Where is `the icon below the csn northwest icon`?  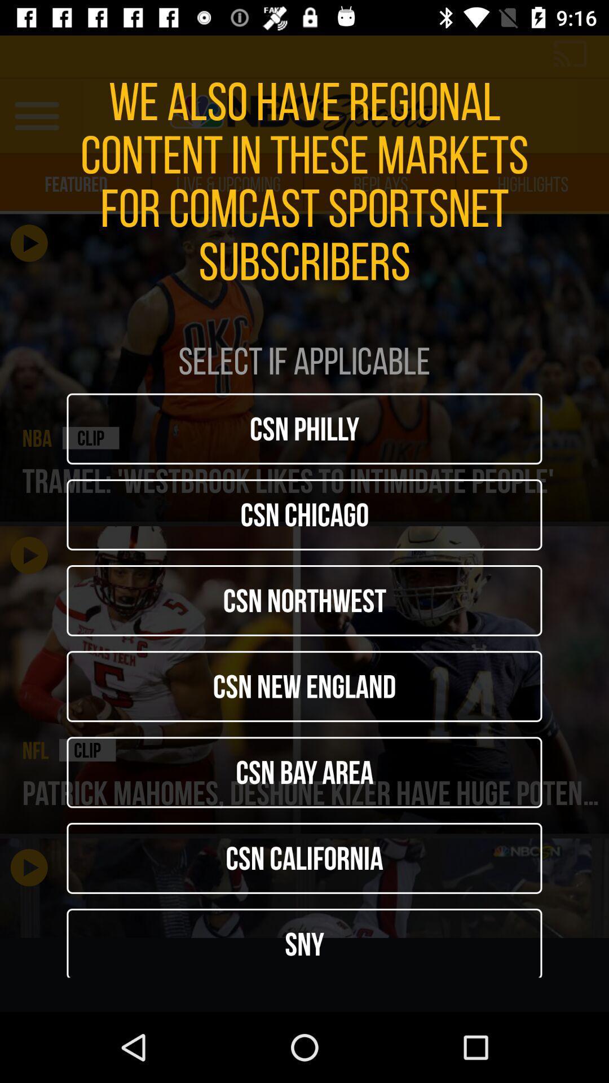
the icon below the csn northwest icon is located at coordinates (304, 686).